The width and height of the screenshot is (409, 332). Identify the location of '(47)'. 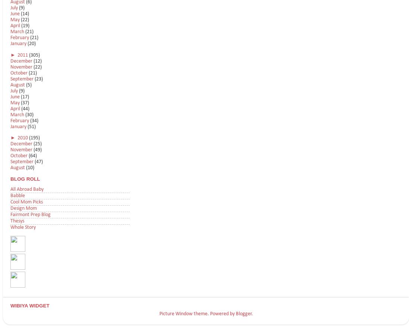
(38, 162).